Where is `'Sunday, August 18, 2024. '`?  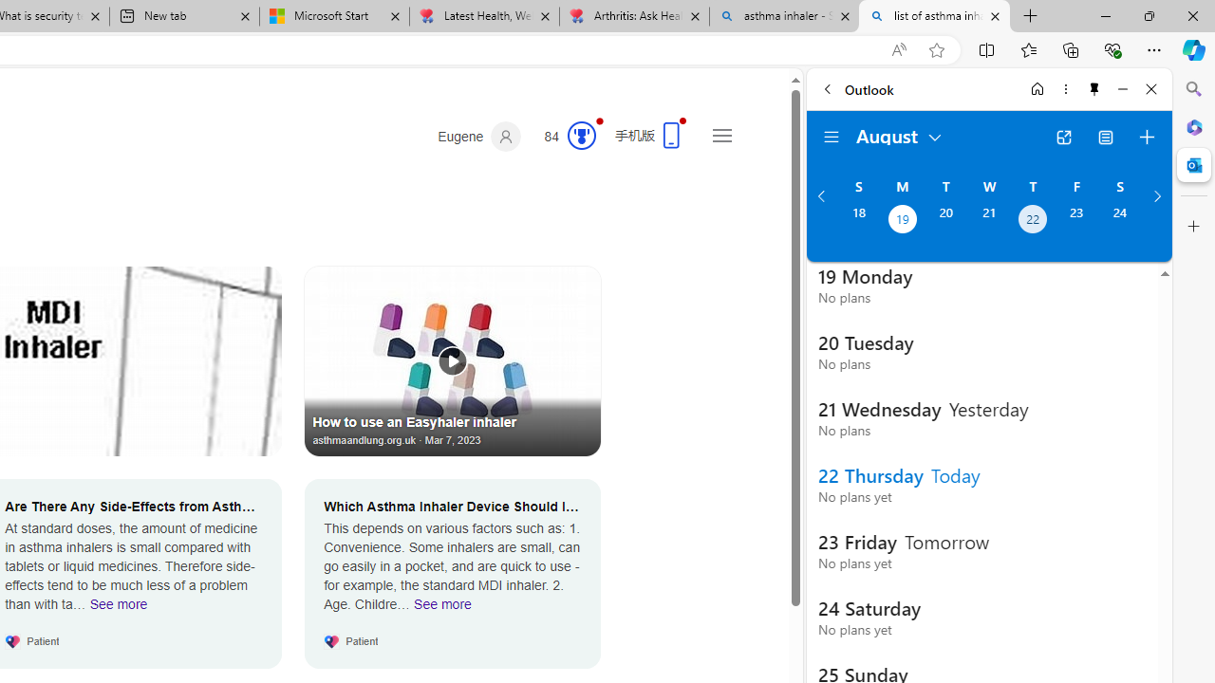 'Sunday, August 18, 2024. ' is located at coordinates (857, 220).